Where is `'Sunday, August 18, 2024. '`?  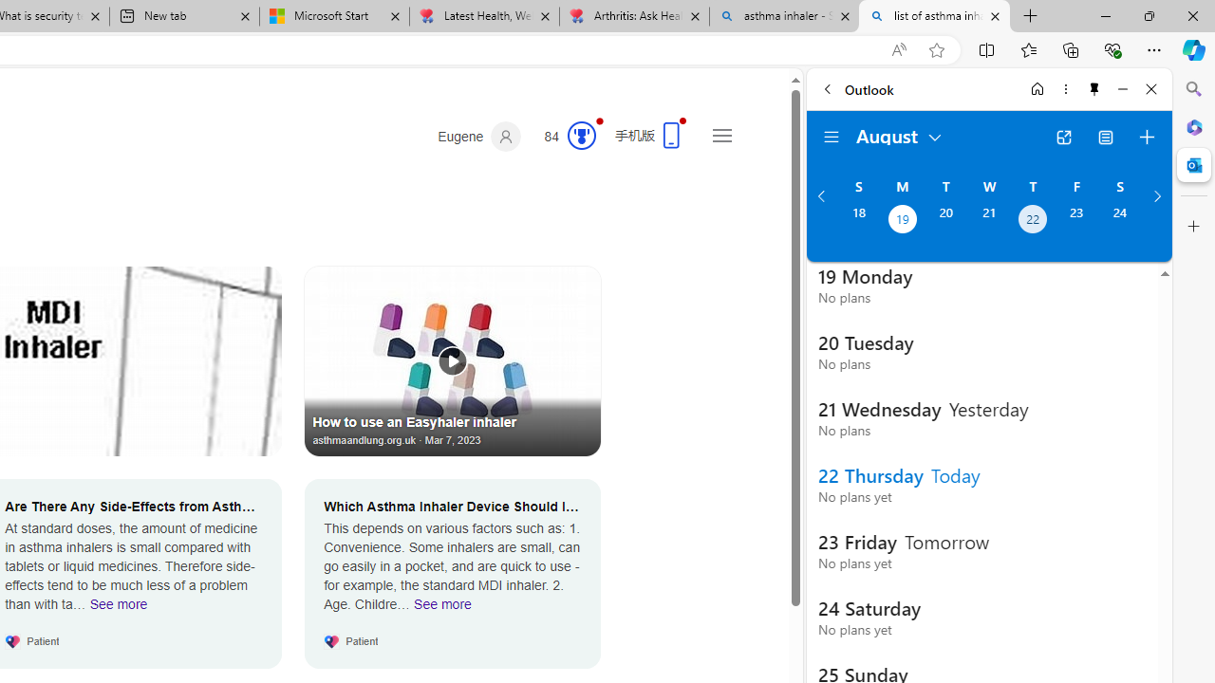 'Sunday, August 18, 2024. ' is located at coordinates (857, 220).